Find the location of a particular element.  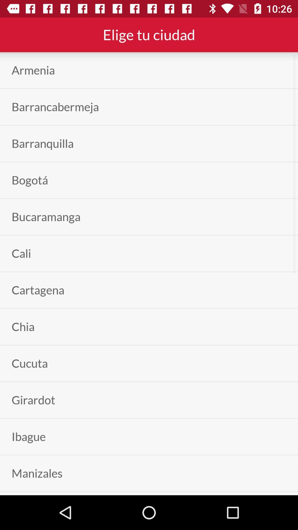

app above barranquilla app is located at coordinates (55, 107).